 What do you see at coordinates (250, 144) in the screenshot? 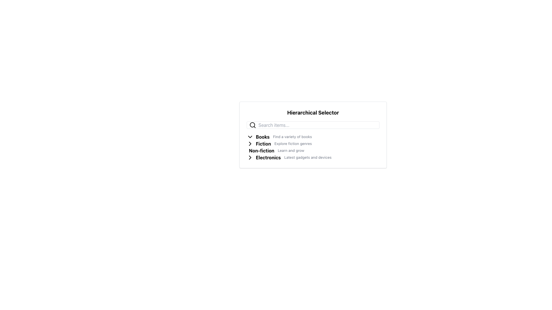
I see `the Right-chevron arrow icon located to the left of the text 'Fiction' in the hierarchical menu, indicating it can expand or collapse additional content` at bounding box center [250, 144].